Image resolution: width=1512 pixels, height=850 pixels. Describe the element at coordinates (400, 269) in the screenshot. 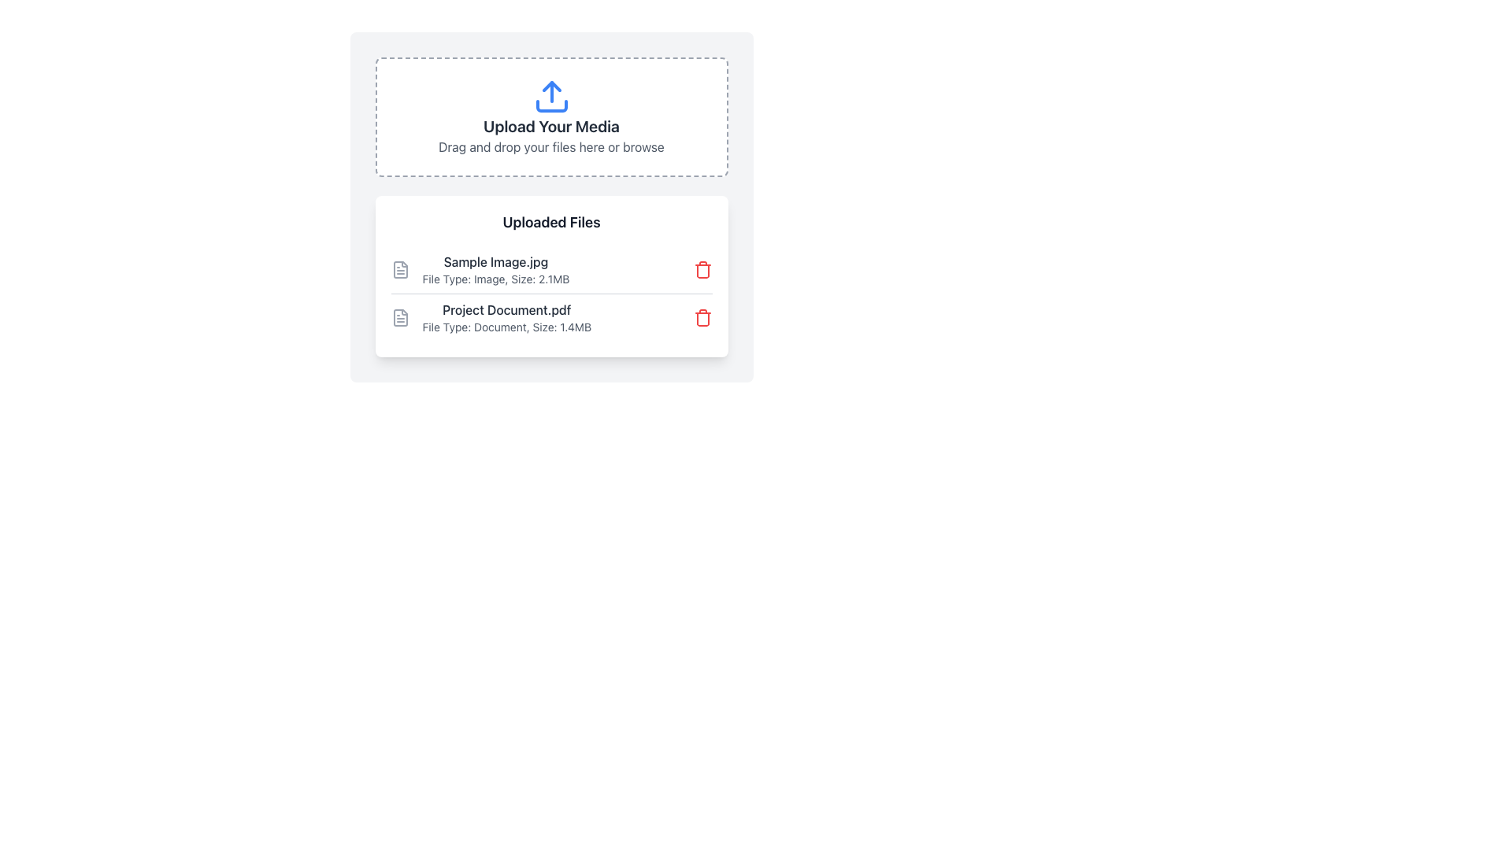

I see `the document icon located on the left of the first row in the file list, adjacent to 'Sample Image.jpg'` at that location.